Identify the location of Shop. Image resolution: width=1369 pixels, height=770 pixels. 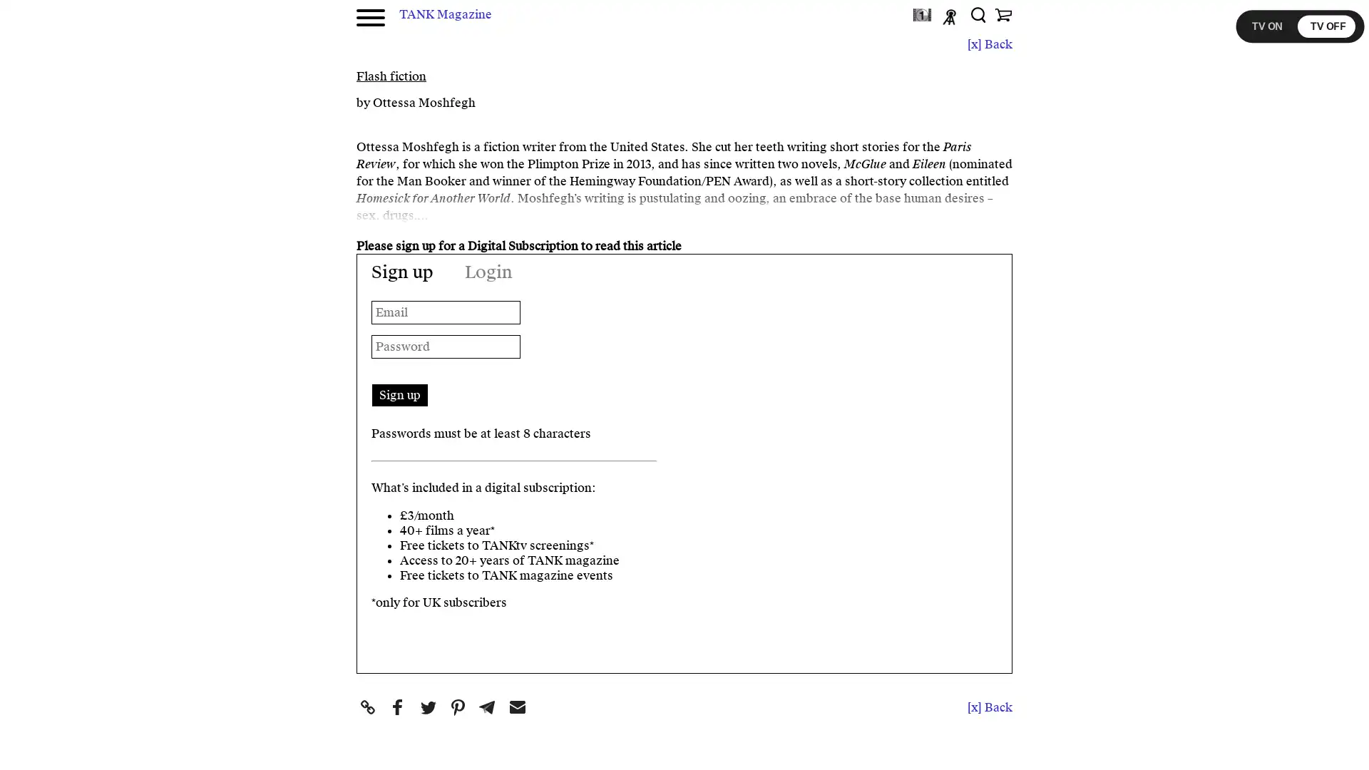
(1003, 14).